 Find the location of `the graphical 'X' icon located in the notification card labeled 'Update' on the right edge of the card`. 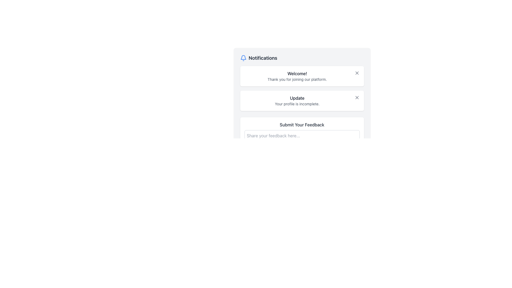

the graphical 'X' icon located in the notification card labeled 'Update' on the right edge of the card is located at coordinates (357, 98).